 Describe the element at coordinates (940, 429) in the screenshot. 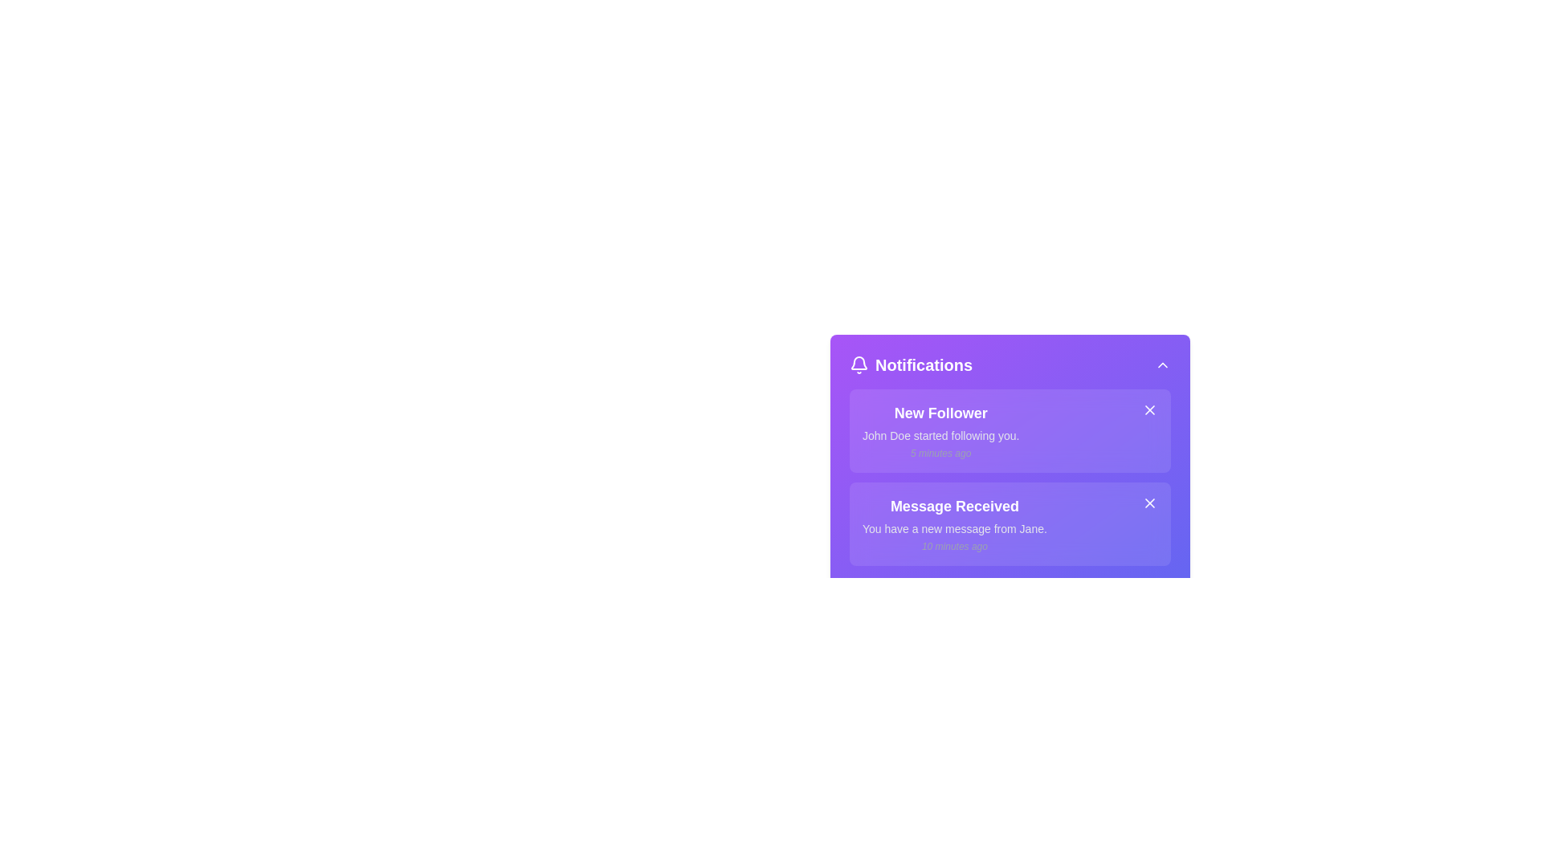

I see `the notification text block that displays 'New Follower', 'John Doe started following you.', and '5 minutes ago'` at that location.